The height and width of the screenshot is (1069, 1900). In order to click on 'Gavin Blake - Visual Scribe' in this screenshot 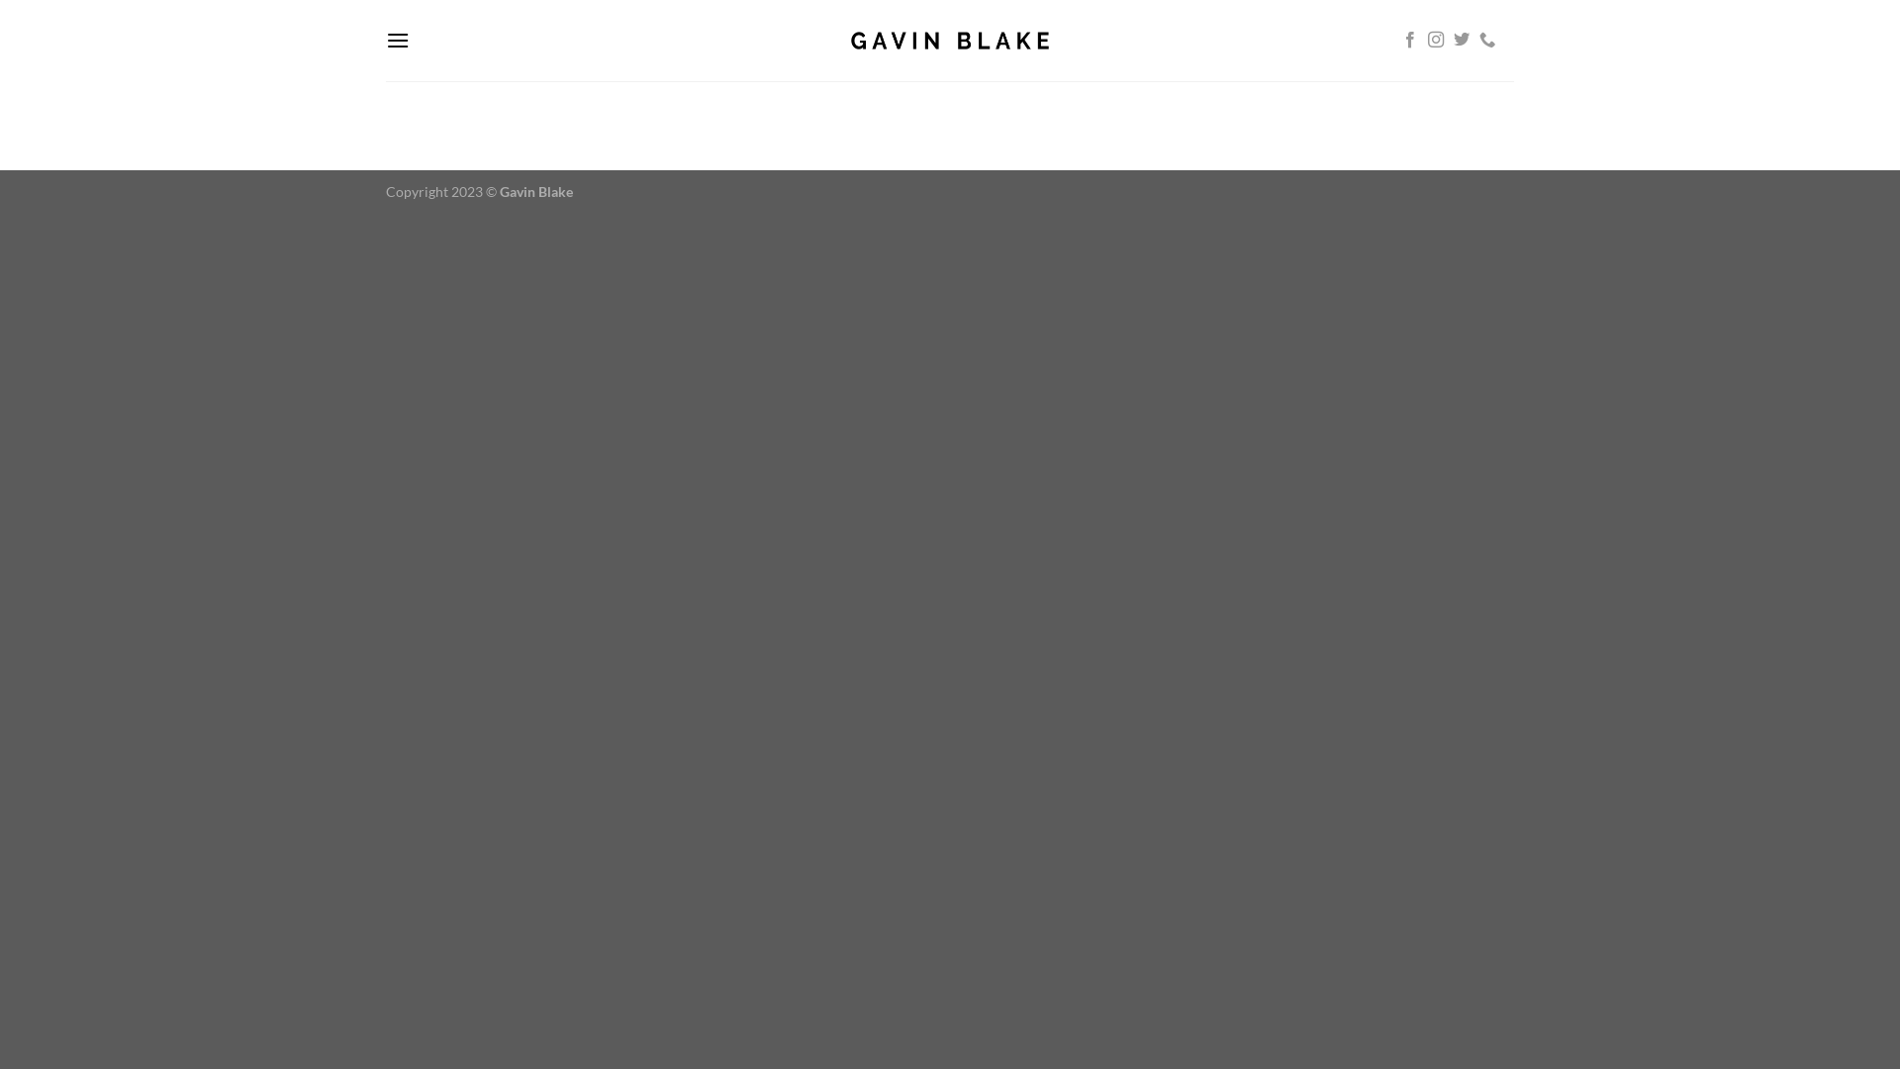, I will do `click(950, 41)`.